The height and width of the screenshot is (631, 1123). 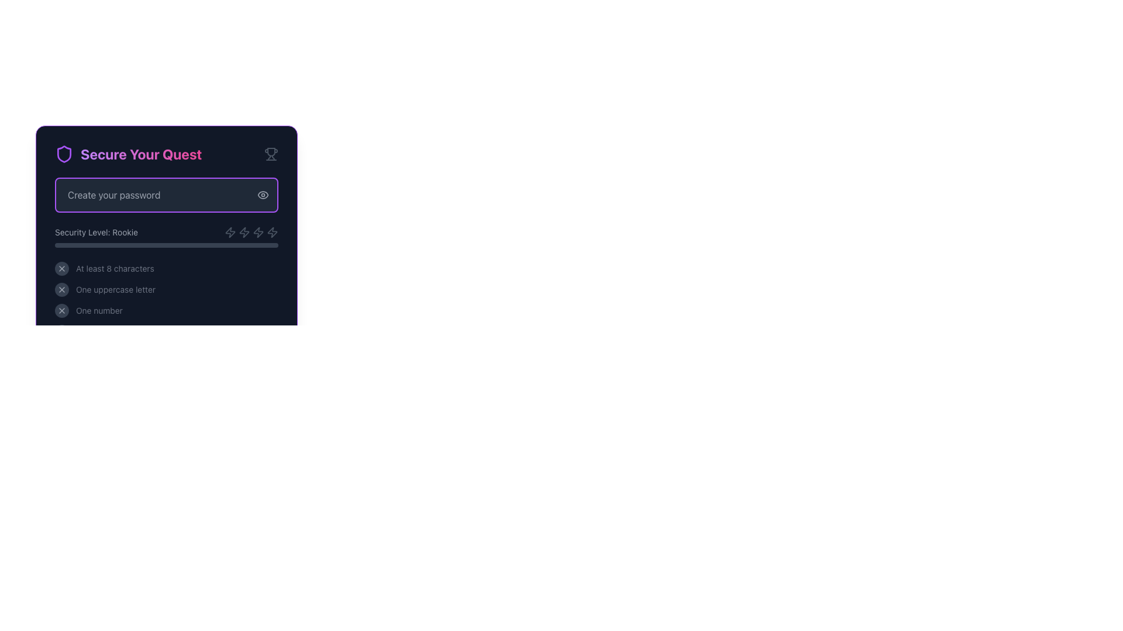 I want to click on the text label that informs the user to include one numerical digit in their password, located at the bottom-left corner of the list of password requirements, so click(x=99, y=310).